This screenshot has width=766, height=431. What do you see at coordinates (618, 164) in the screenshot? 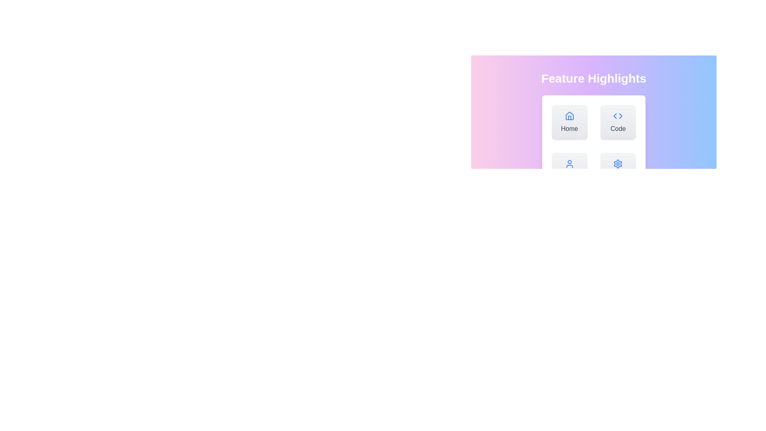
I see `the 'Settings' icon located in the bottom-right card of the grid layout, positioned above the text label 'Settings'` at bounding box center [618, 164].